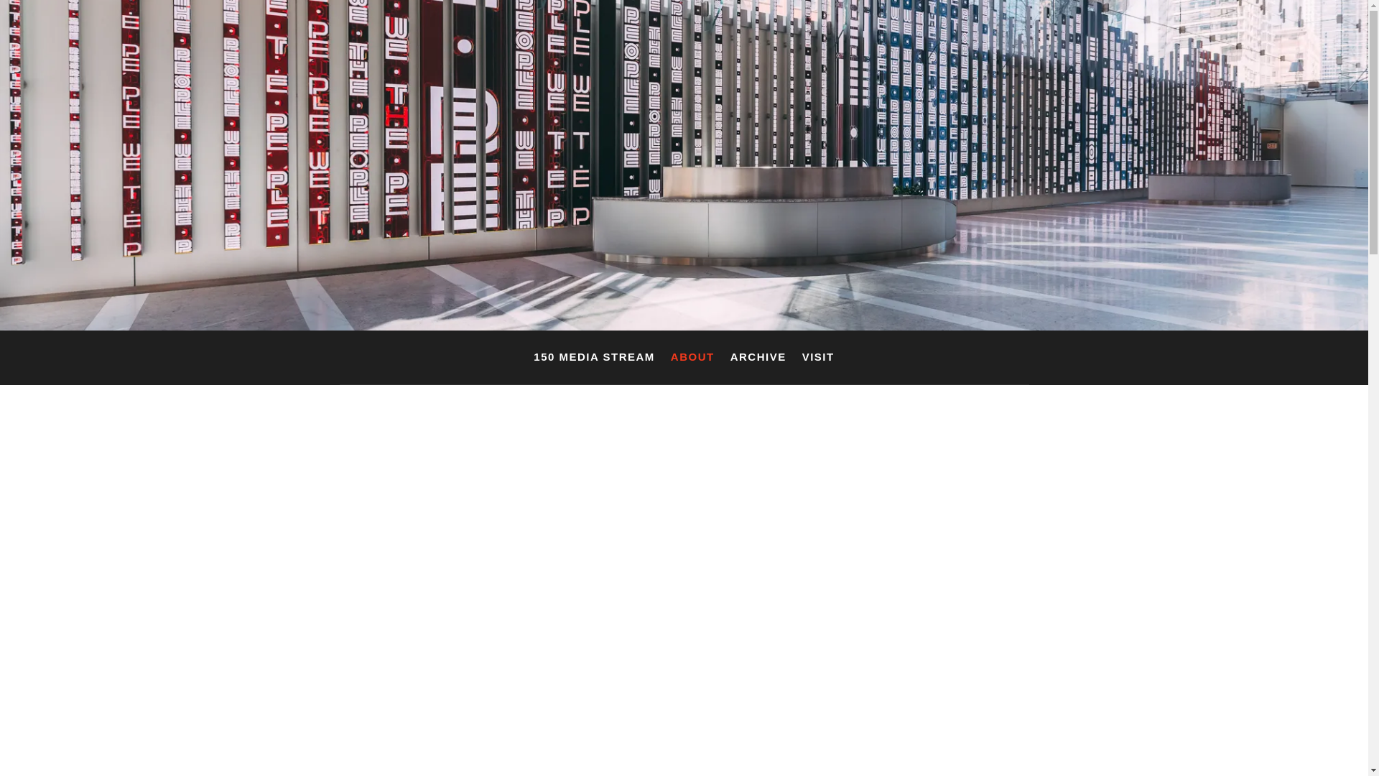  What do you see at coordinates (533, 359) in the screenshot?
I see `'150 MEDIA STREAM'` at bounding box center [533, 359].